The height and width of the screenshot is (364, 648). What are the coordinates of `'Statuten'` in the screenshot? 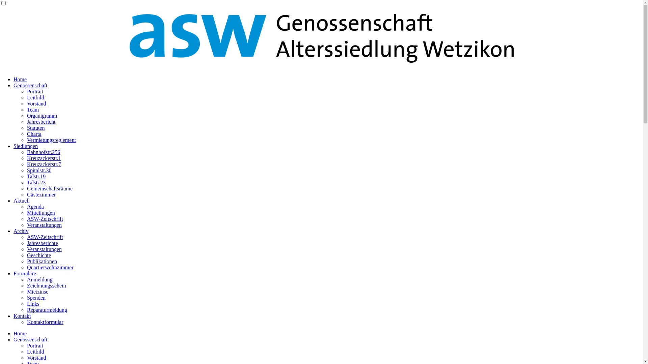 It's located at (35, 128).